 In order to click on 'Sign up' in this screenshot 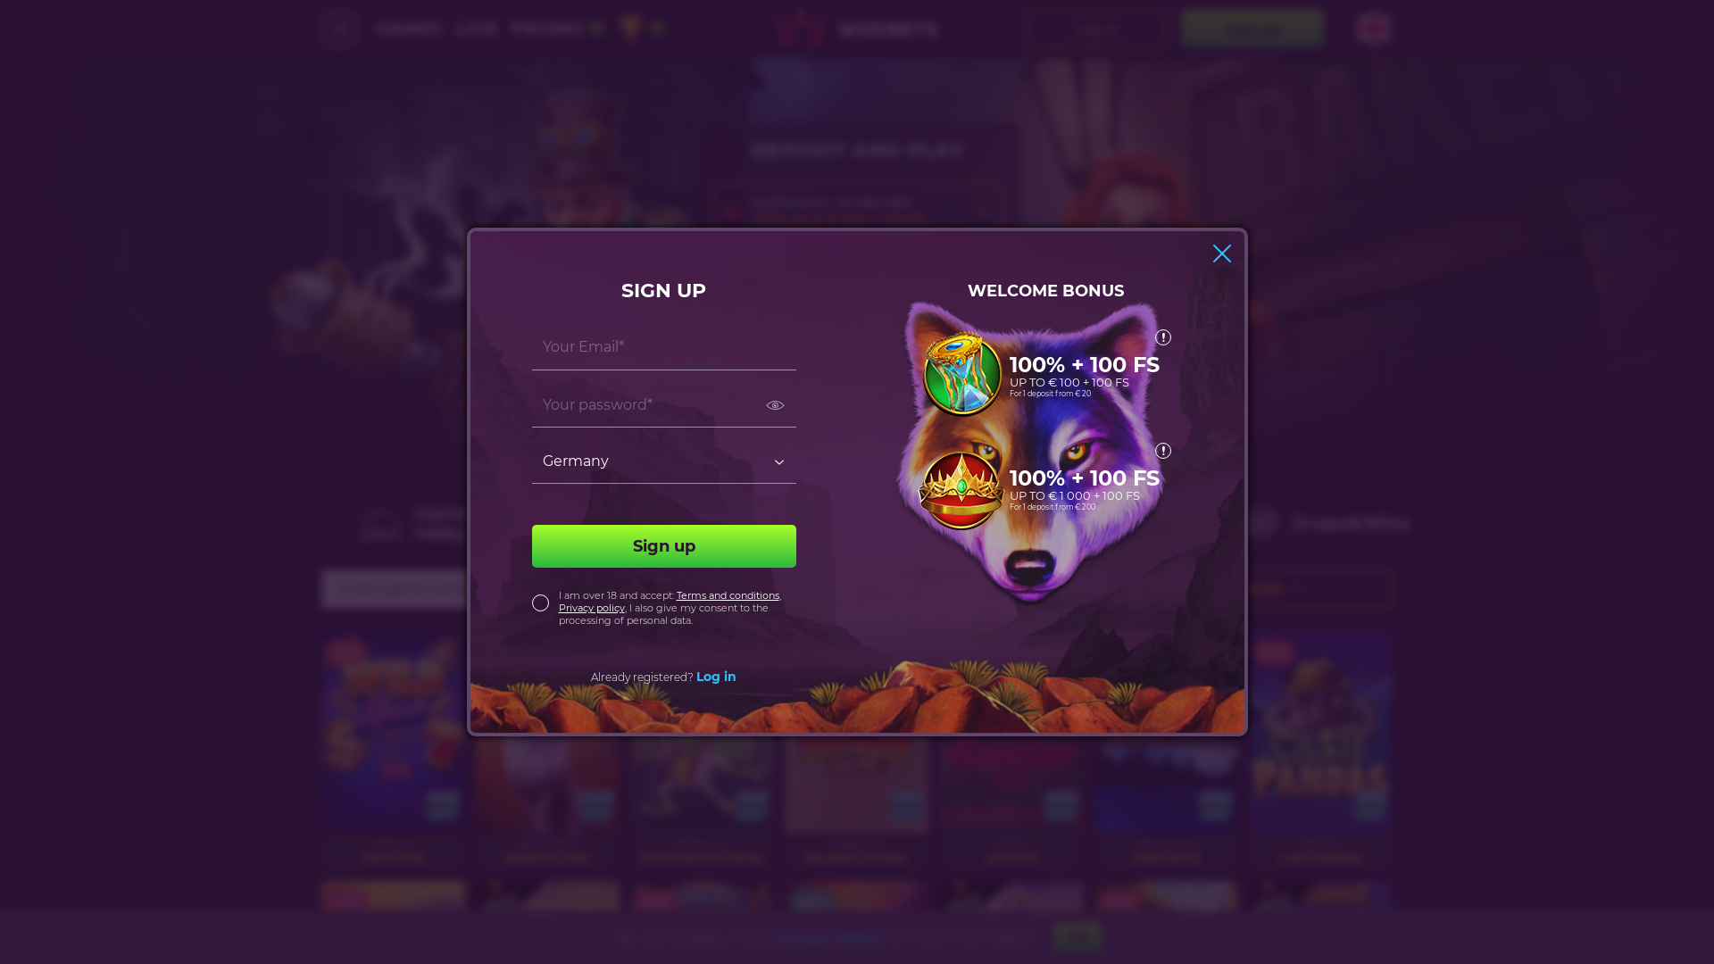, I will do `click(663, 545)`.